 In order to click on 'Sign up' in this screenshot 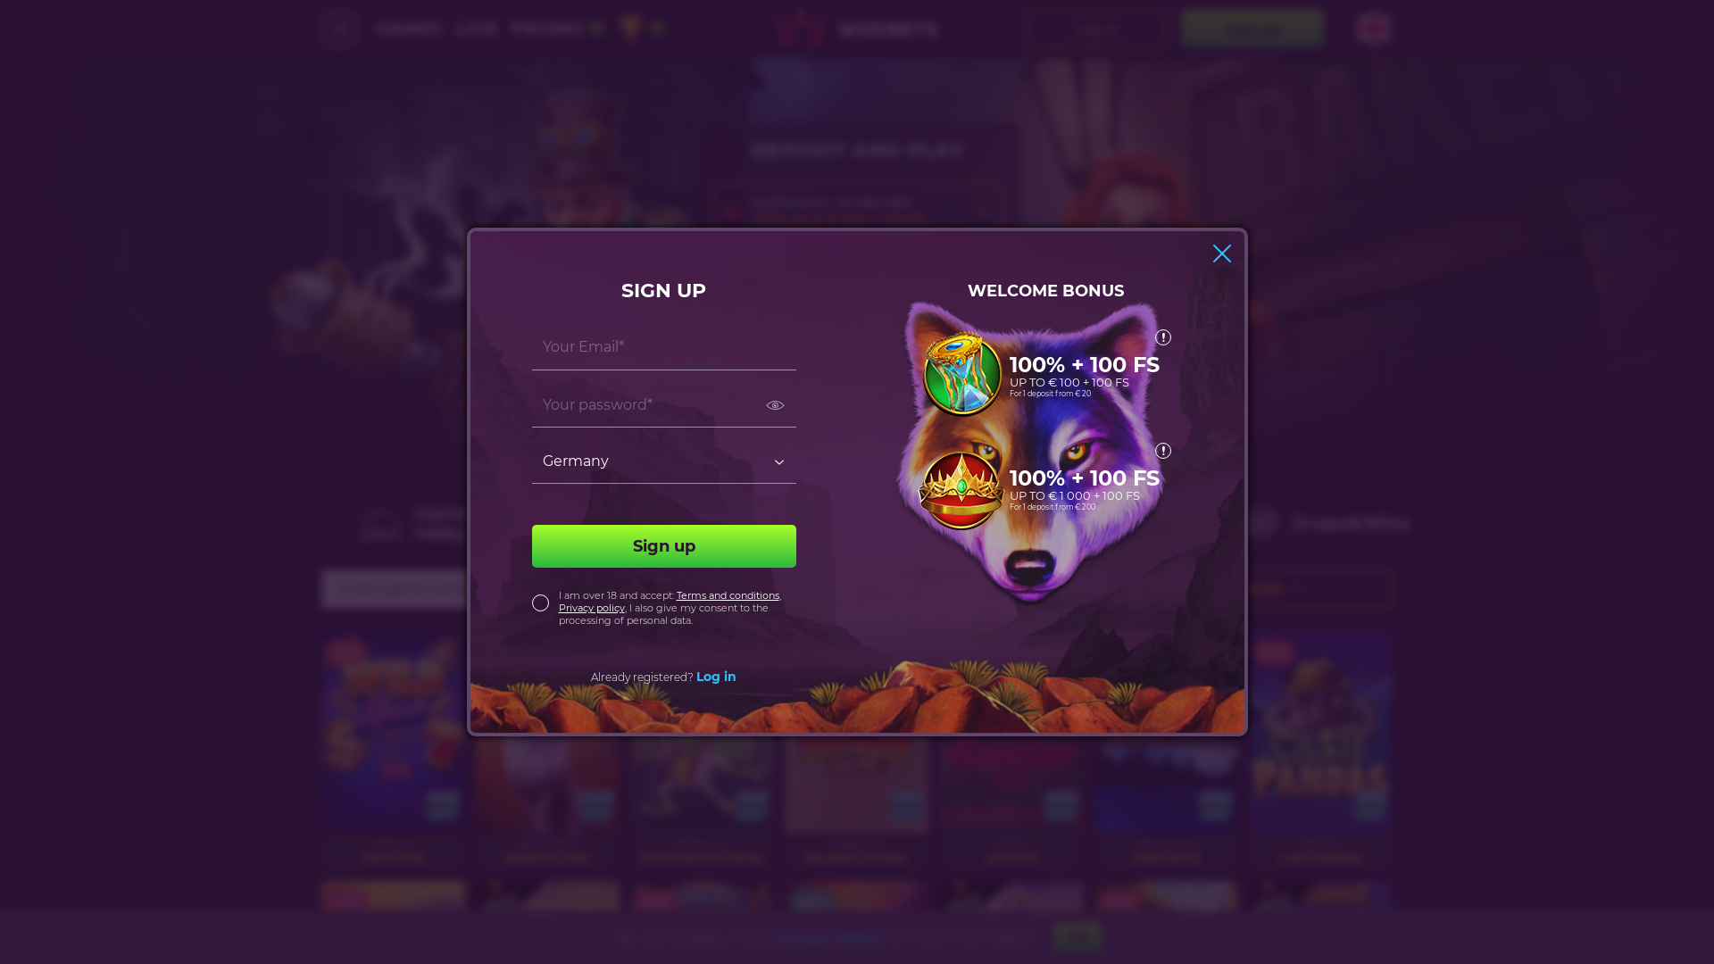, I will do `click(663, 545)`.